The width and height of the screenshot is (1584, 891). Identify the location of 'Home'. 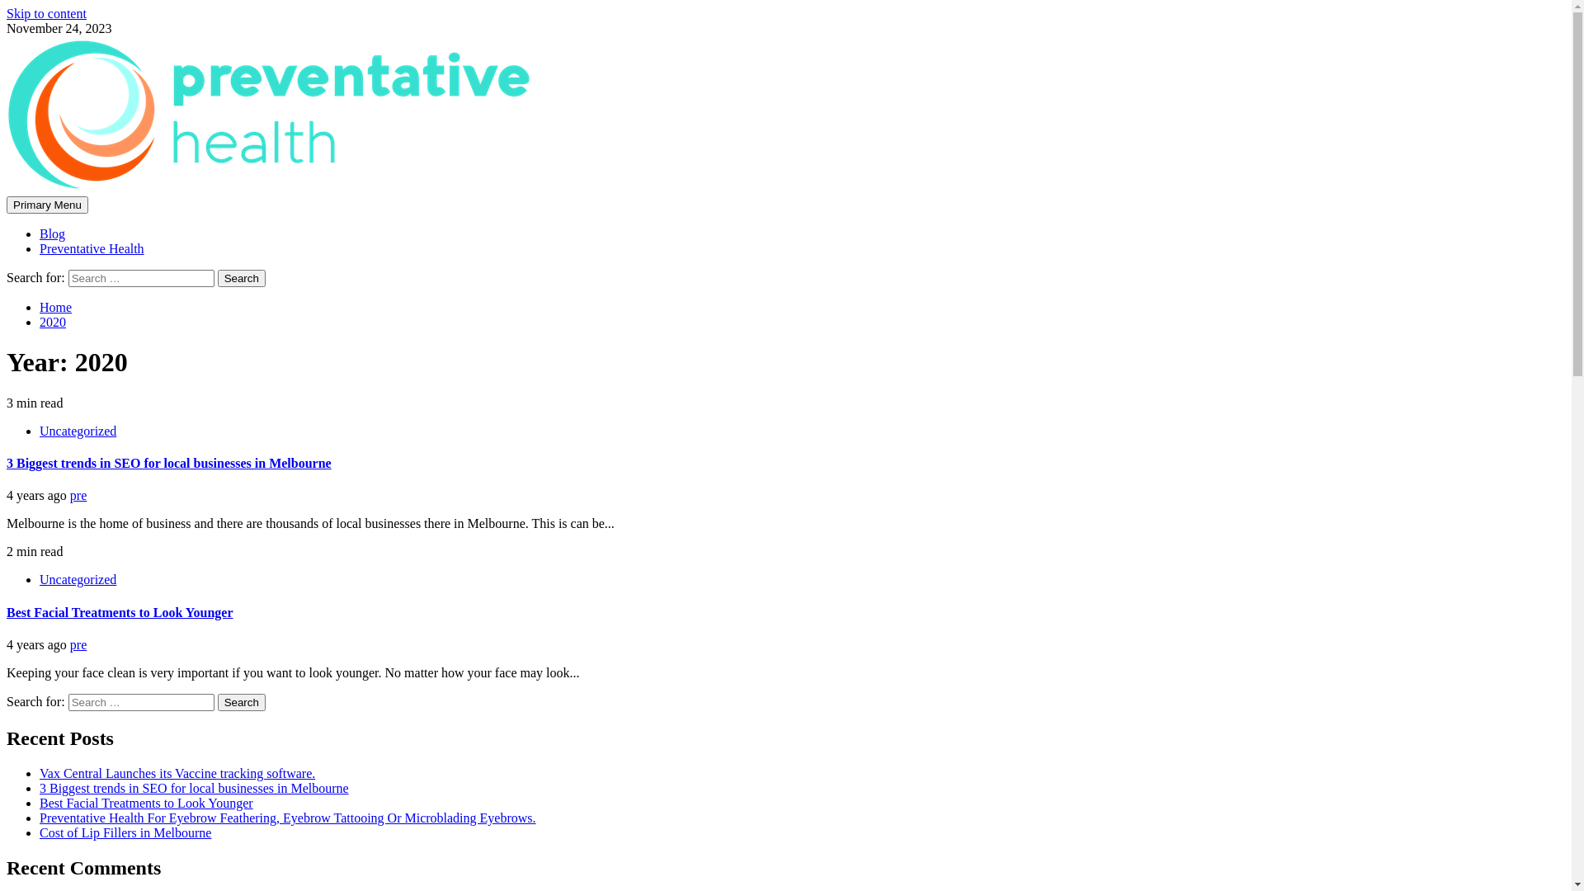
(55, 307).